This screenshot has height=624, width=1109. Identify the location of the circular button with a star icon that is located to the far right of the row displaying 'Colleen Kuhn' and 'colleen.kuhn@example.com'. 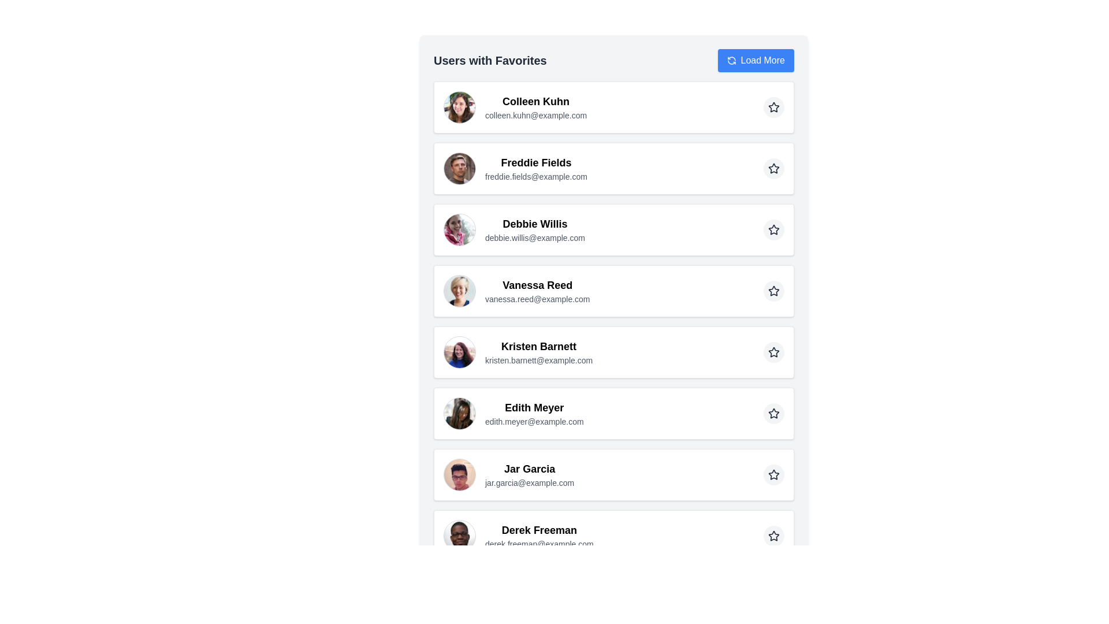
(773, 107).